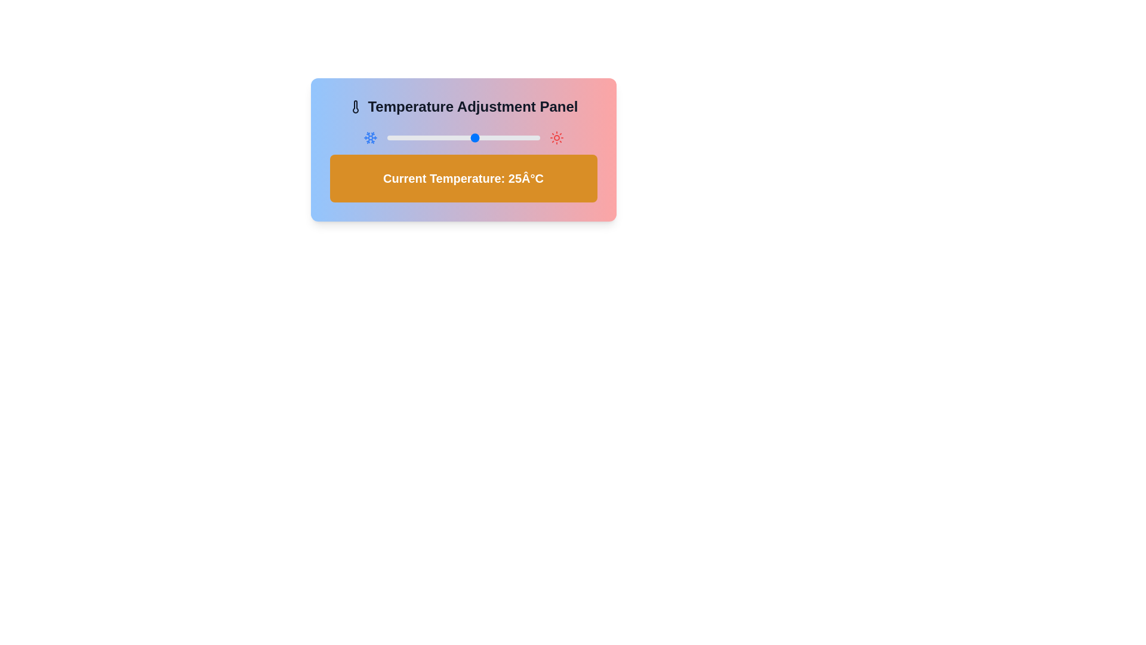 The height and width of the screenshot is (645, 1146). What do you see at coordinates (405, 137) in the screenshot?
I see `the temperature slider to set the temperature to -3°C` at bounding box center [405, 137].